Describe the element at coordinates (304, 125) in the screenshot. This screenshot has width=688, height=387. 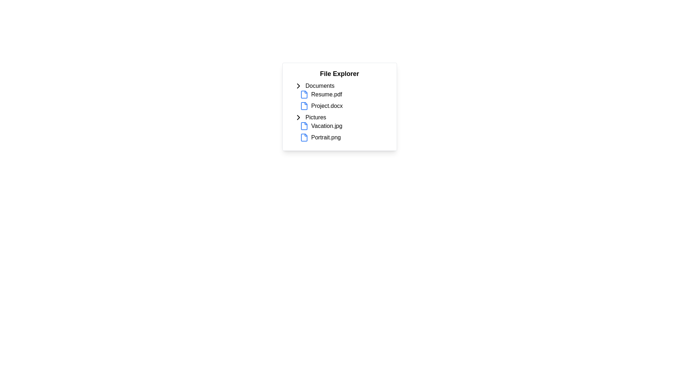
I see `the blue file icon representing 'Vacation.jpg'` at that location.